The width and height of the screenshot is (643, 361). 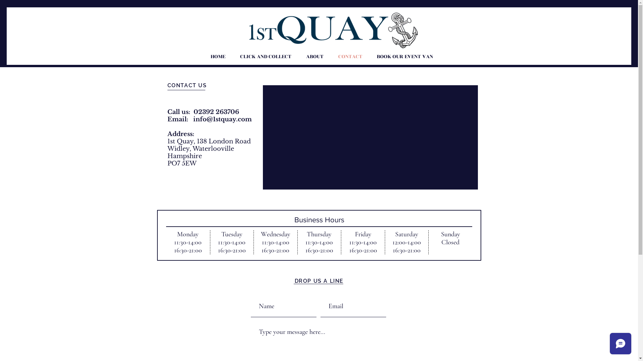 What do you see at coordinates (405, 56) in the screenshot?
I see `'BOOK OUR EVENT VAN'` at bounding box center [405, 56].